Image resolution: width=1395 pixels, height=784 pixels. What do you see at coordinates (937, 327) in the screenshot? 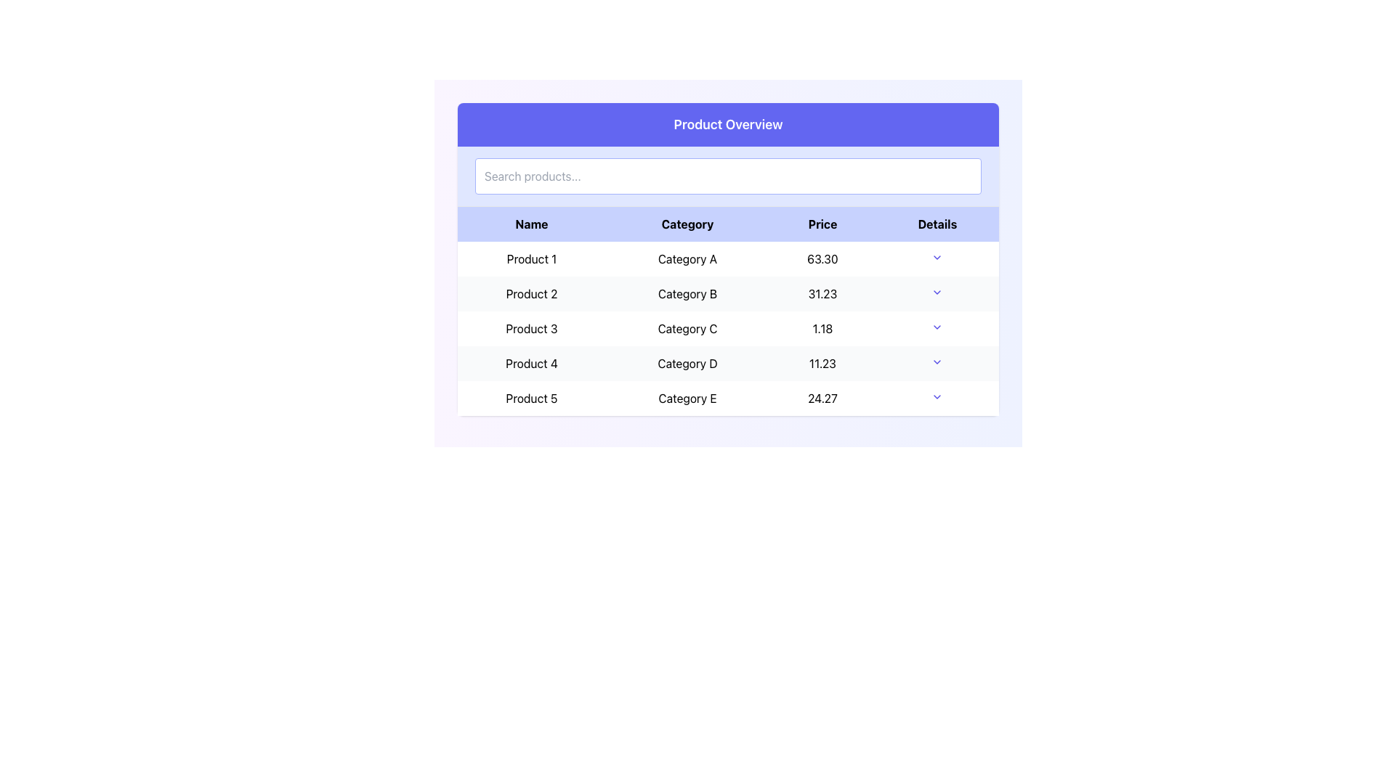
I see `the dropdown toggle icon in the 'Details' column for 'Product 3'` at bounding box center [937, 327].